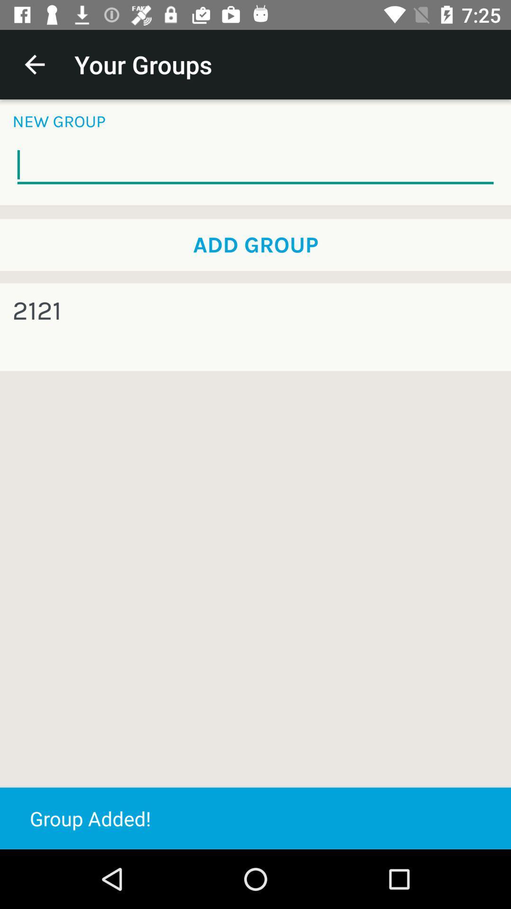 This screenshot has width=511, height=909. What do you see at coordinates (255, 165) in the screenshot?
I see `the new group box` at bounding box center [255, 165].